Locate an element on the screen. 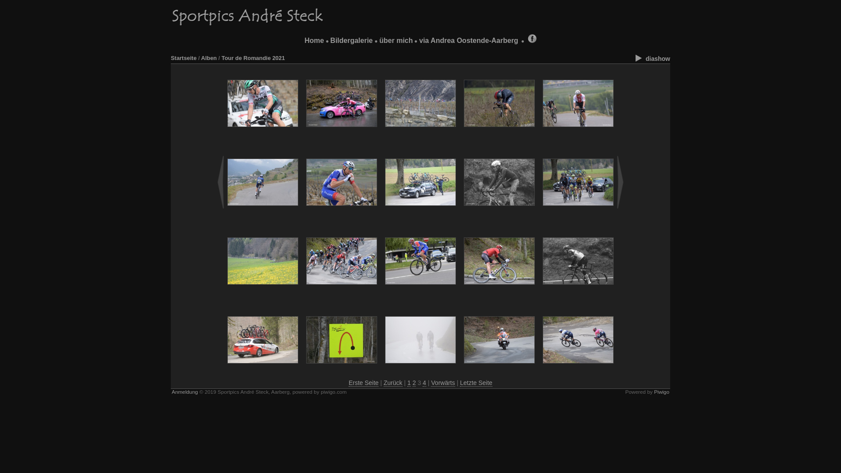 The image size is (841, 473). 'Startseite' is located at coordinates (183, 58).